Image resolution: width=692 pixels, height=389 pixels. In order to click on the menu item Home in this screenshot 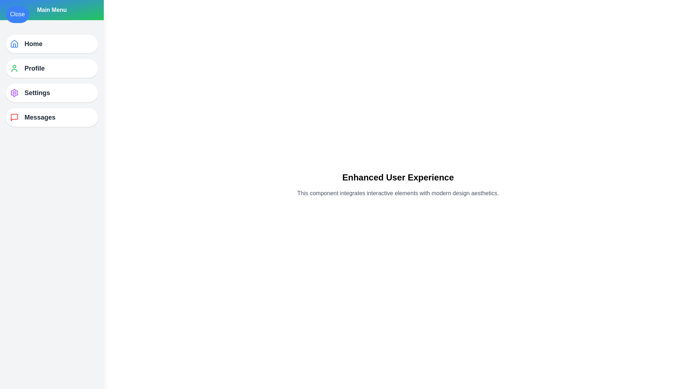, I will do `click(52, 44)`.